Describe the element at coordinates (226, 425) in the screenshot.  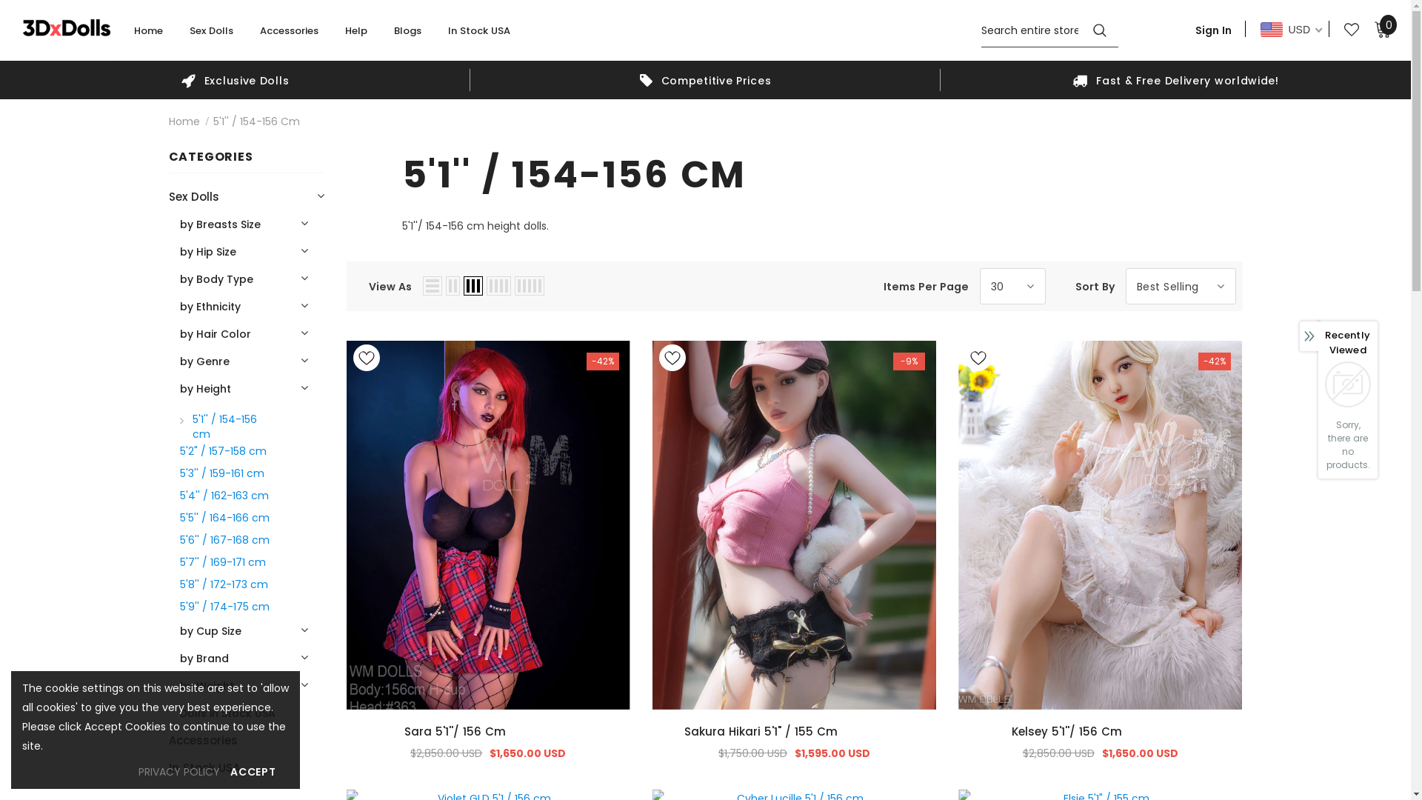
I see `'5'1'' / 154-156 cm'` at that location.